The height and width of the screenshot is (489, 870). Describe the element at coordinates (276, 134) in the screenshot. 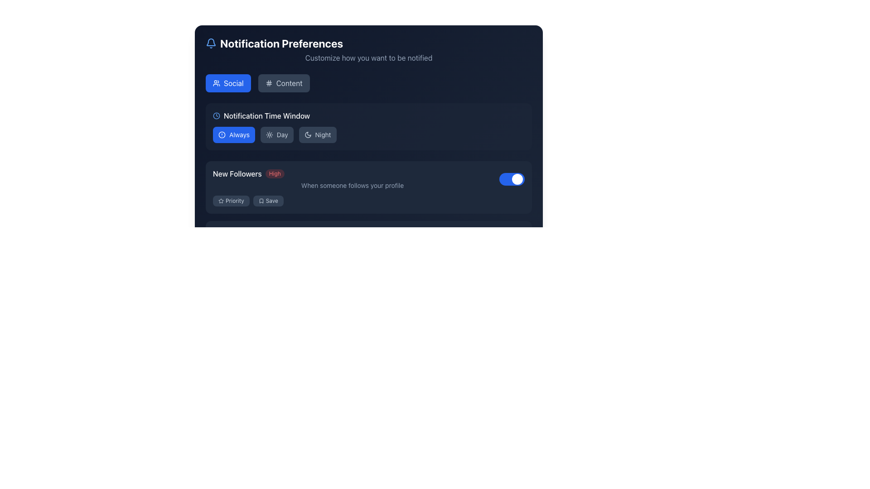

I see `the 'Day' notification setting button, which is the second option in the 'Notification Time Window' row, positioned between the 'Always' and 'Night' buttons` at that location.